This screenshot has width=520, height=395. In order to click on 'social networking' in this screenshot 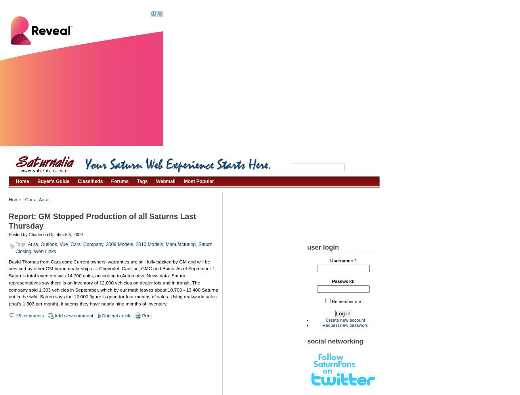, I will do `click(307, 341)`.